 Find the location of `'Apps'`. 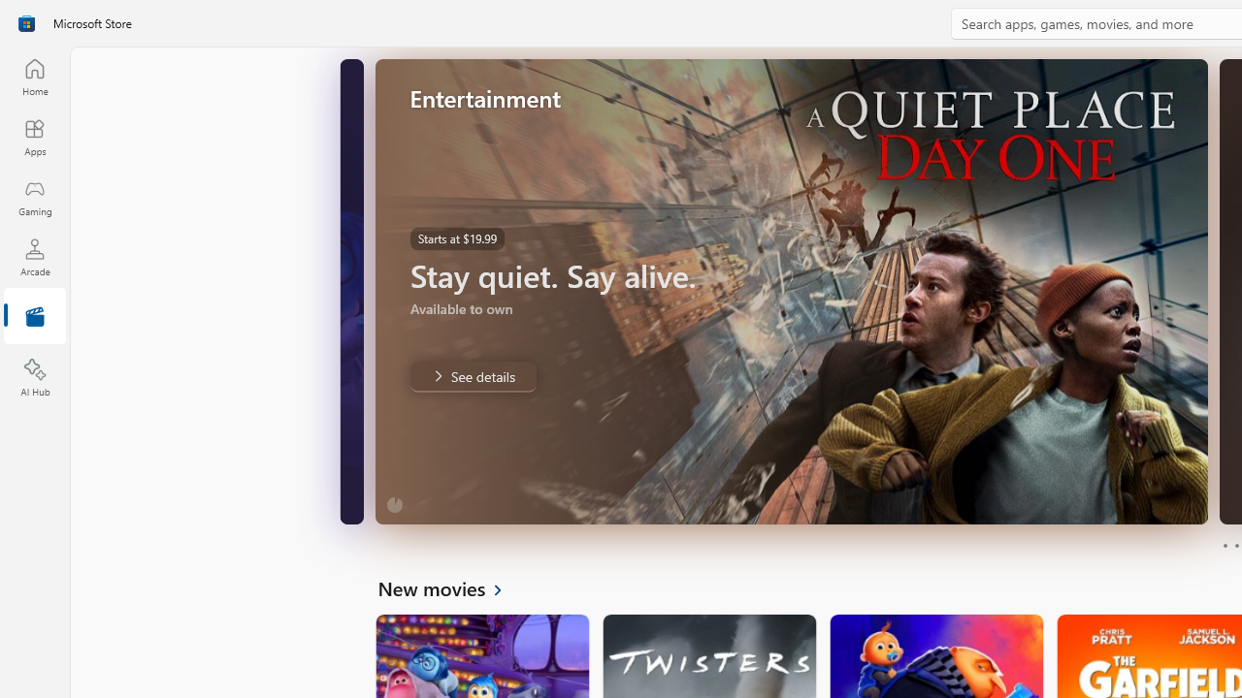

'Apps' is located at coordinates (34, 136).